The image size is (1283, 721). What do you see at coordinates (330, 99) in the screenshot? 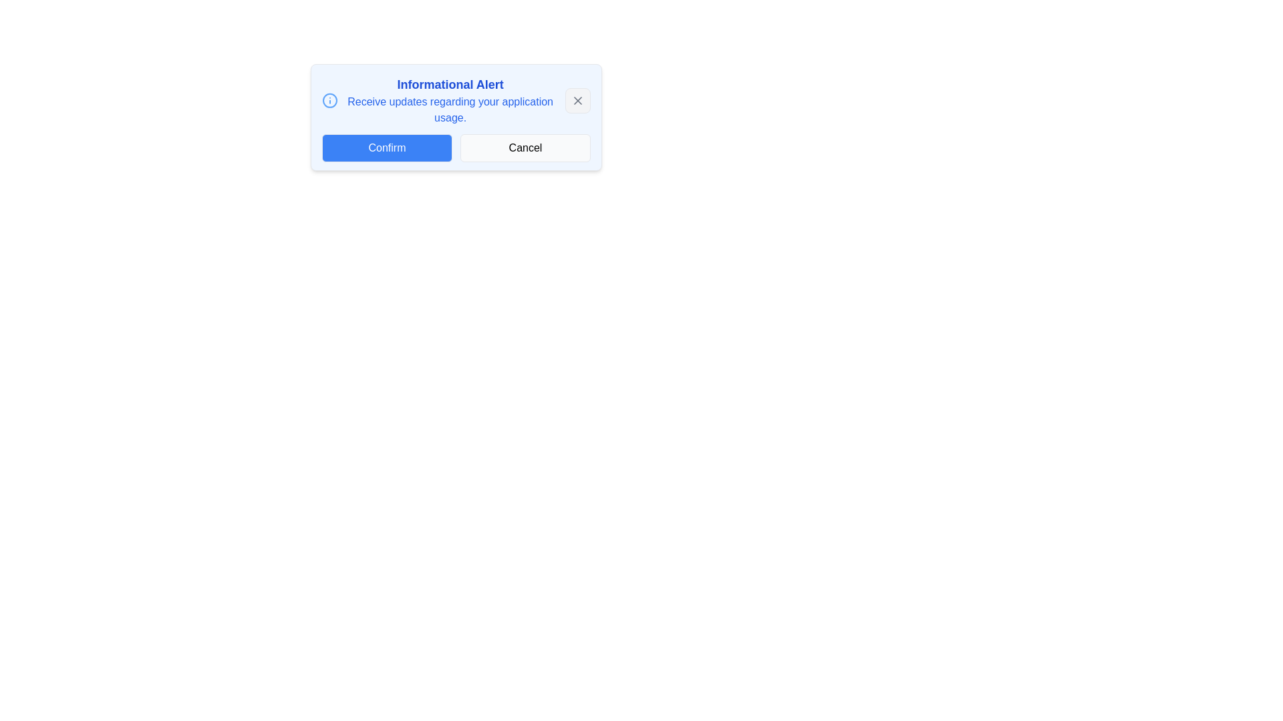
I see `the circular blue informational icon that has an 'i' symbol, located to the left of the text 'Informational Alert'` at bounding box center [330, 99].